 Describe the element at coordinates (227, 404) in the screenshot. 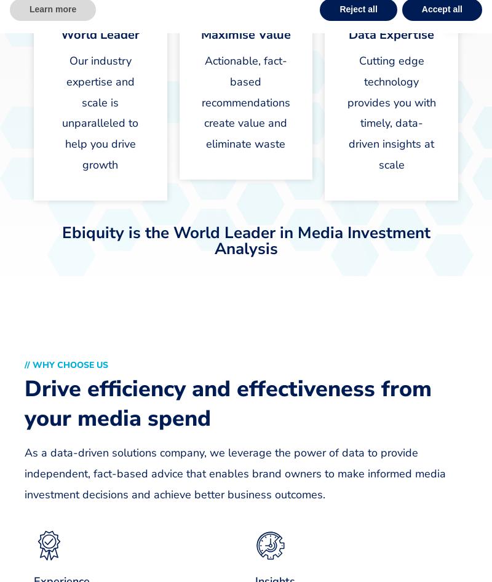

I see `'Drive efficiency and effectiveness from your media spend'` at that location.